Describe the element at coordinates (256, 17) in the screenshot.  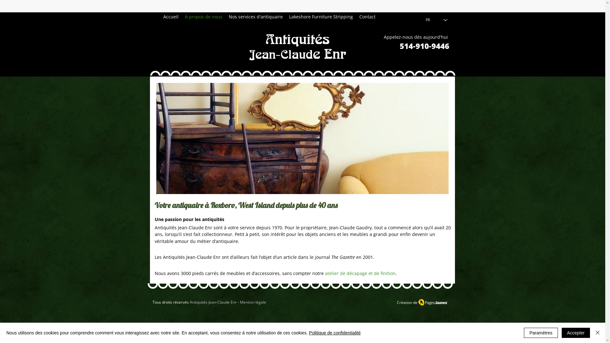
I see `'Nos services d'antiquaire'` at that location.